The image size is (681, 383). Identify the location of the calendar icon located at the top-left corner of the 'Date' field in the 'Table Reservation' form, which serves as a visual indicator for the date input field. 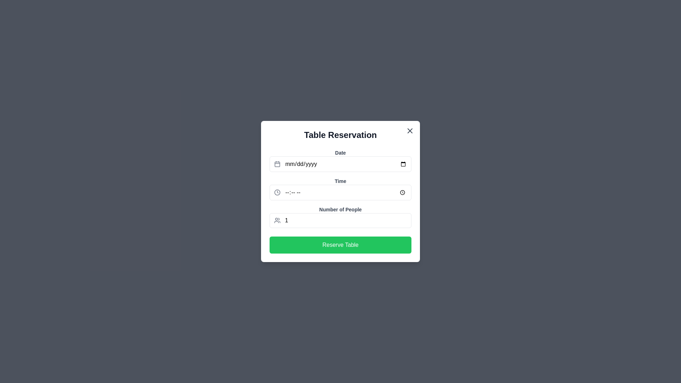
(277, 164).